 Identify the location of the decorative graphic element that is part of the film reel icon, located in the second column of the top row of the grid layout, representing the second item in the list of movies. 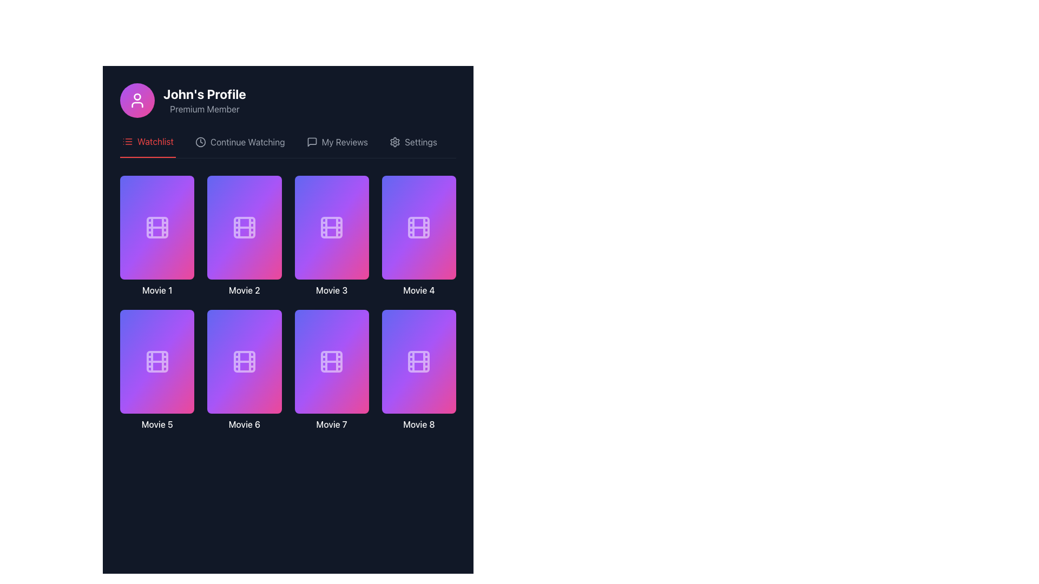
(244, 227).